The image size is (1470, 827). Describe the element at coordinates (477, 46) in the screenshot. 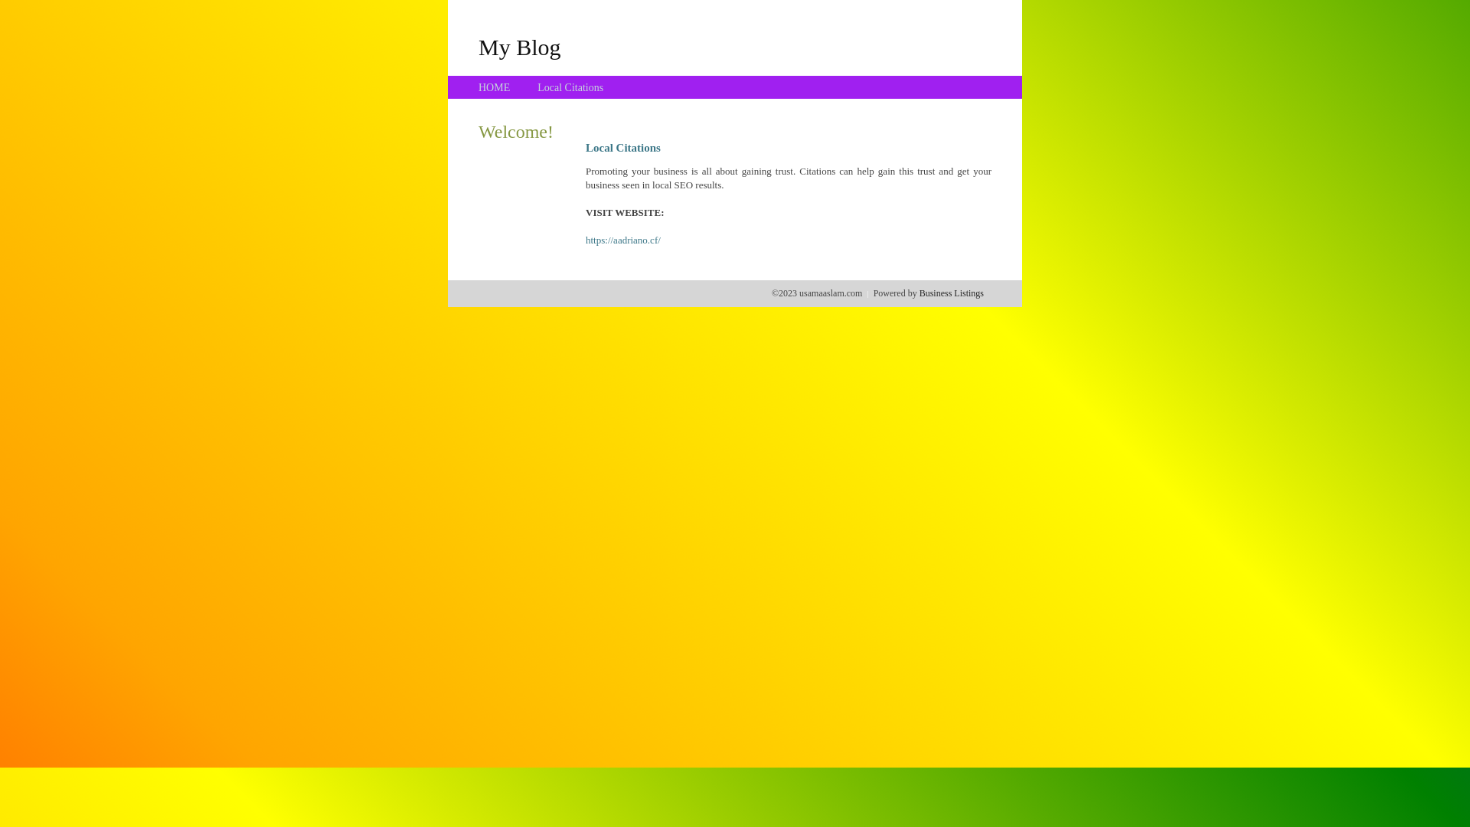

I see `'My Blog'` at that location.